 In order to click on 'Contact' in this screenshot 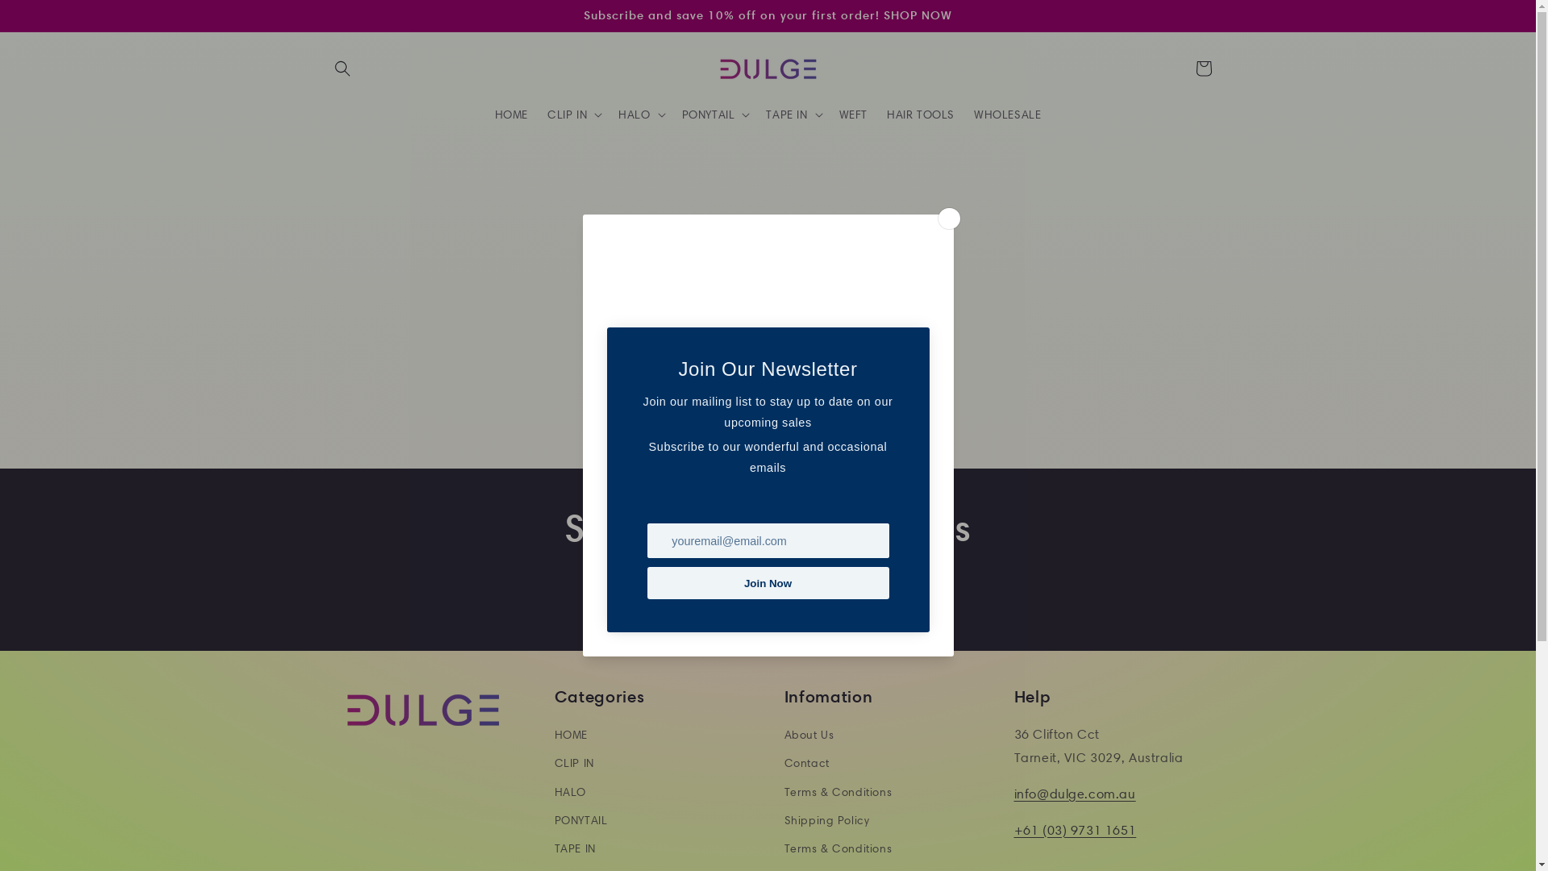, I will do `click(805, 762)`.